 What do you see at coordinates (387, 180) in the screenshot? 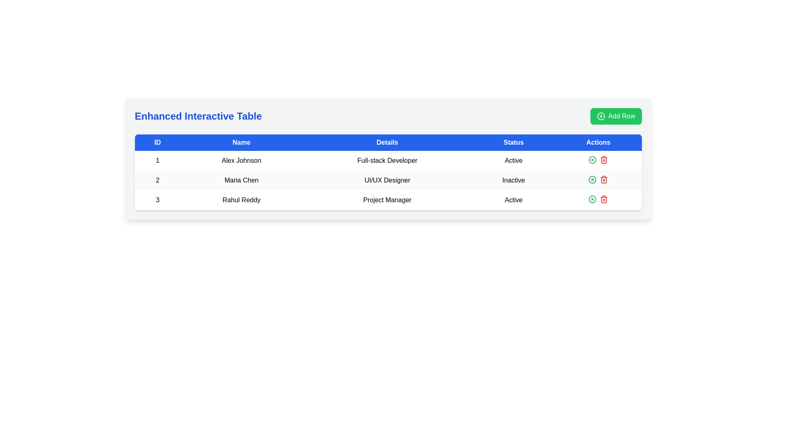
I see `the text label displaying 'UI/UX Designer' in the third column of the second row of the data table` at bounding box center [387, 180].